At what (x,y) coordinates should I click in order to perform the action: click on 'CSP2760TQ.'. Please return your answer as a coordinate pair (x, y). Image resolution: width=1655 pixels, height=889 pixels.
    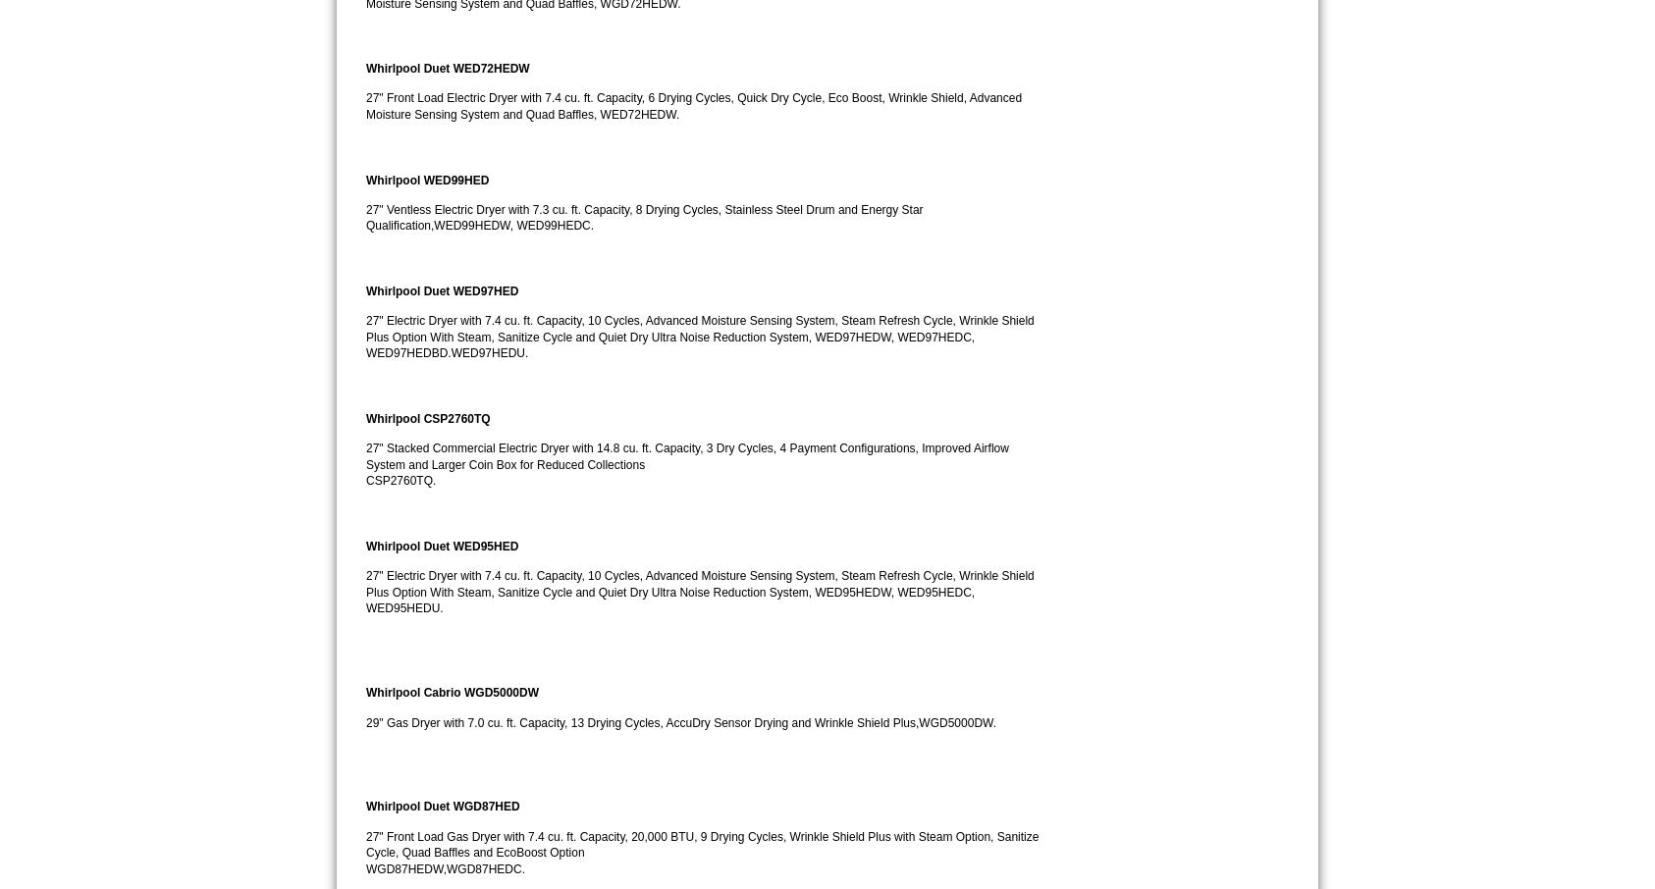
    Looking at the image, I should click on (400, 479).